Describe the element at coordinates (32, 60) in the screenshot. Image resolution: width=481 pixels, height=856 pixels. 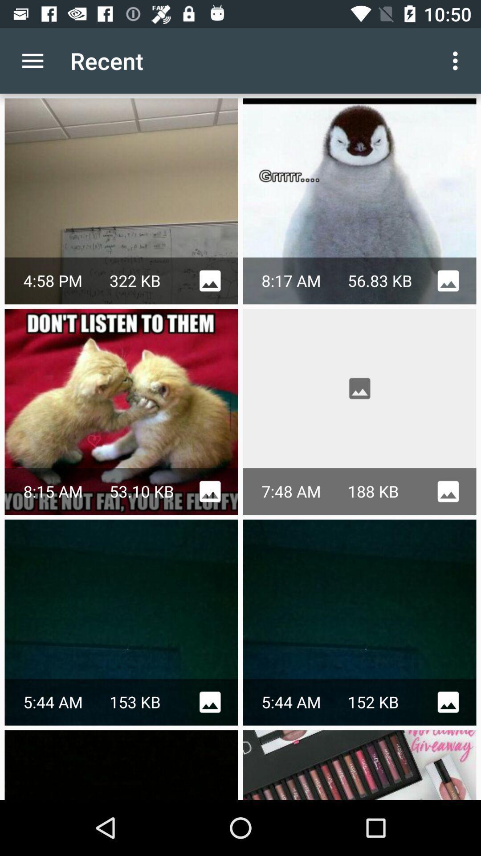
I see `the app to the left of the recent item` at that location.